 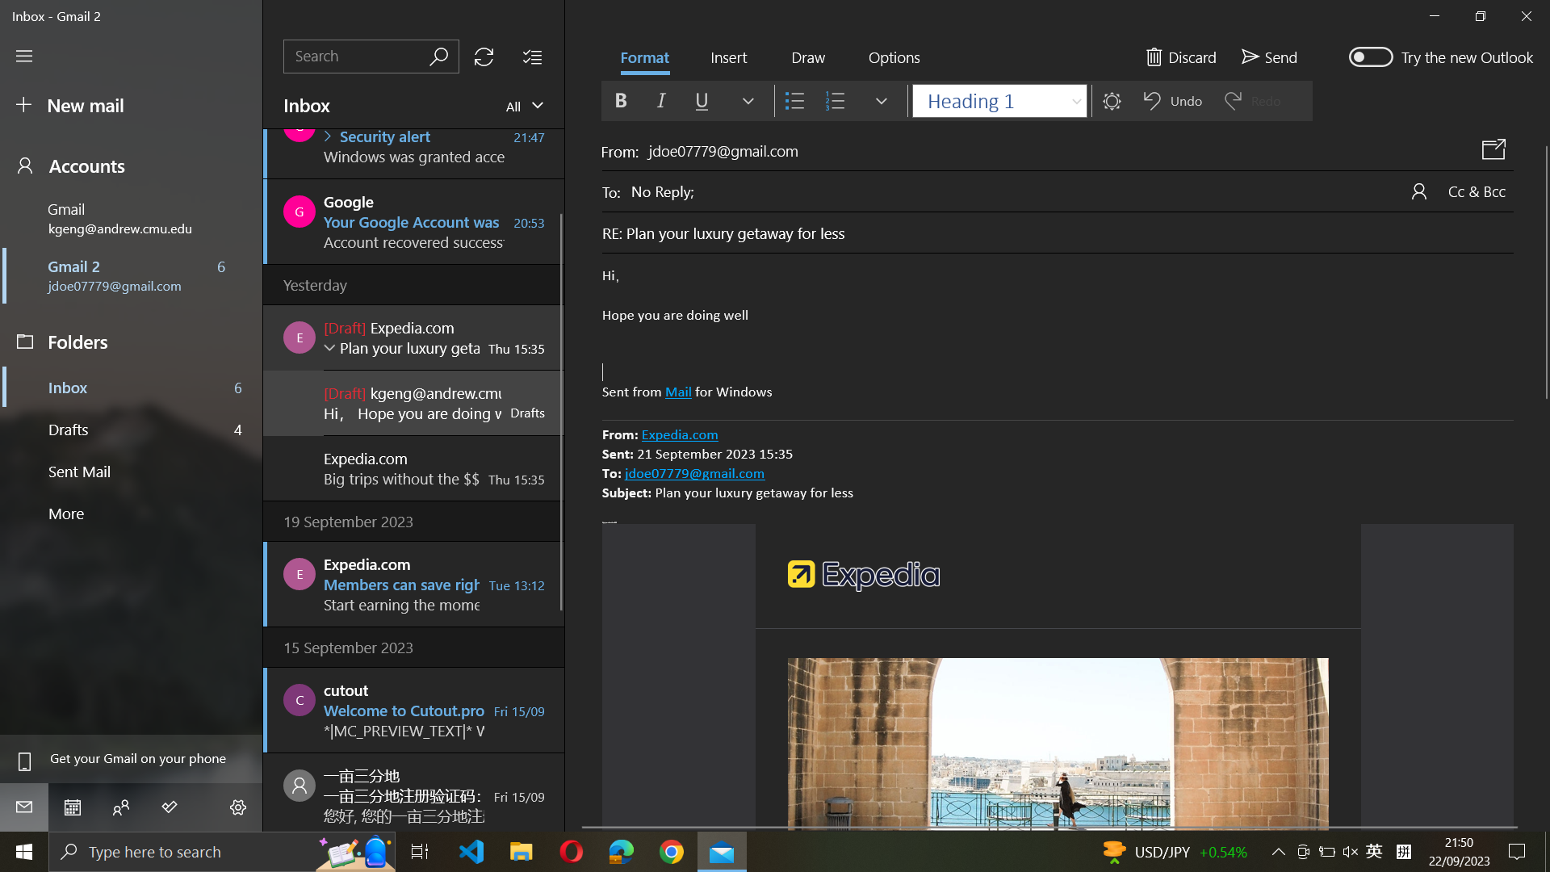 What do you see at coordinates (1267, 55) in the screenshot?
I see `Forward the draft email` at bounding box center [1267, 55].